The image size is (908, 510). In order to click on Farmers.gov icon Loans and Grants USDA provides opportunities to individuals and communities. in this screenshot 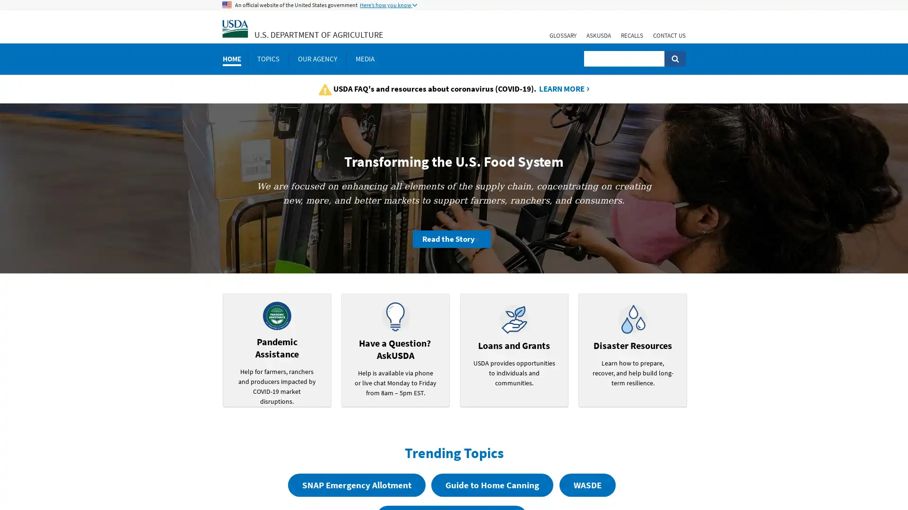, I will do `click(513, 349)`.